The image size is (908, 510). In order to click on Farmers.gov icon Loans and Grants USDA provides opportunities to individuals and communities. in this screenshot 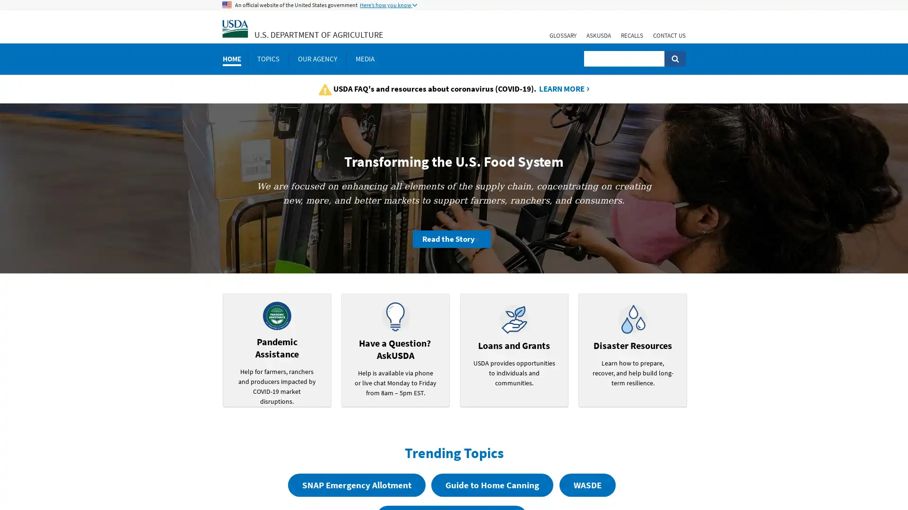, I will do `click(513, 349)`.